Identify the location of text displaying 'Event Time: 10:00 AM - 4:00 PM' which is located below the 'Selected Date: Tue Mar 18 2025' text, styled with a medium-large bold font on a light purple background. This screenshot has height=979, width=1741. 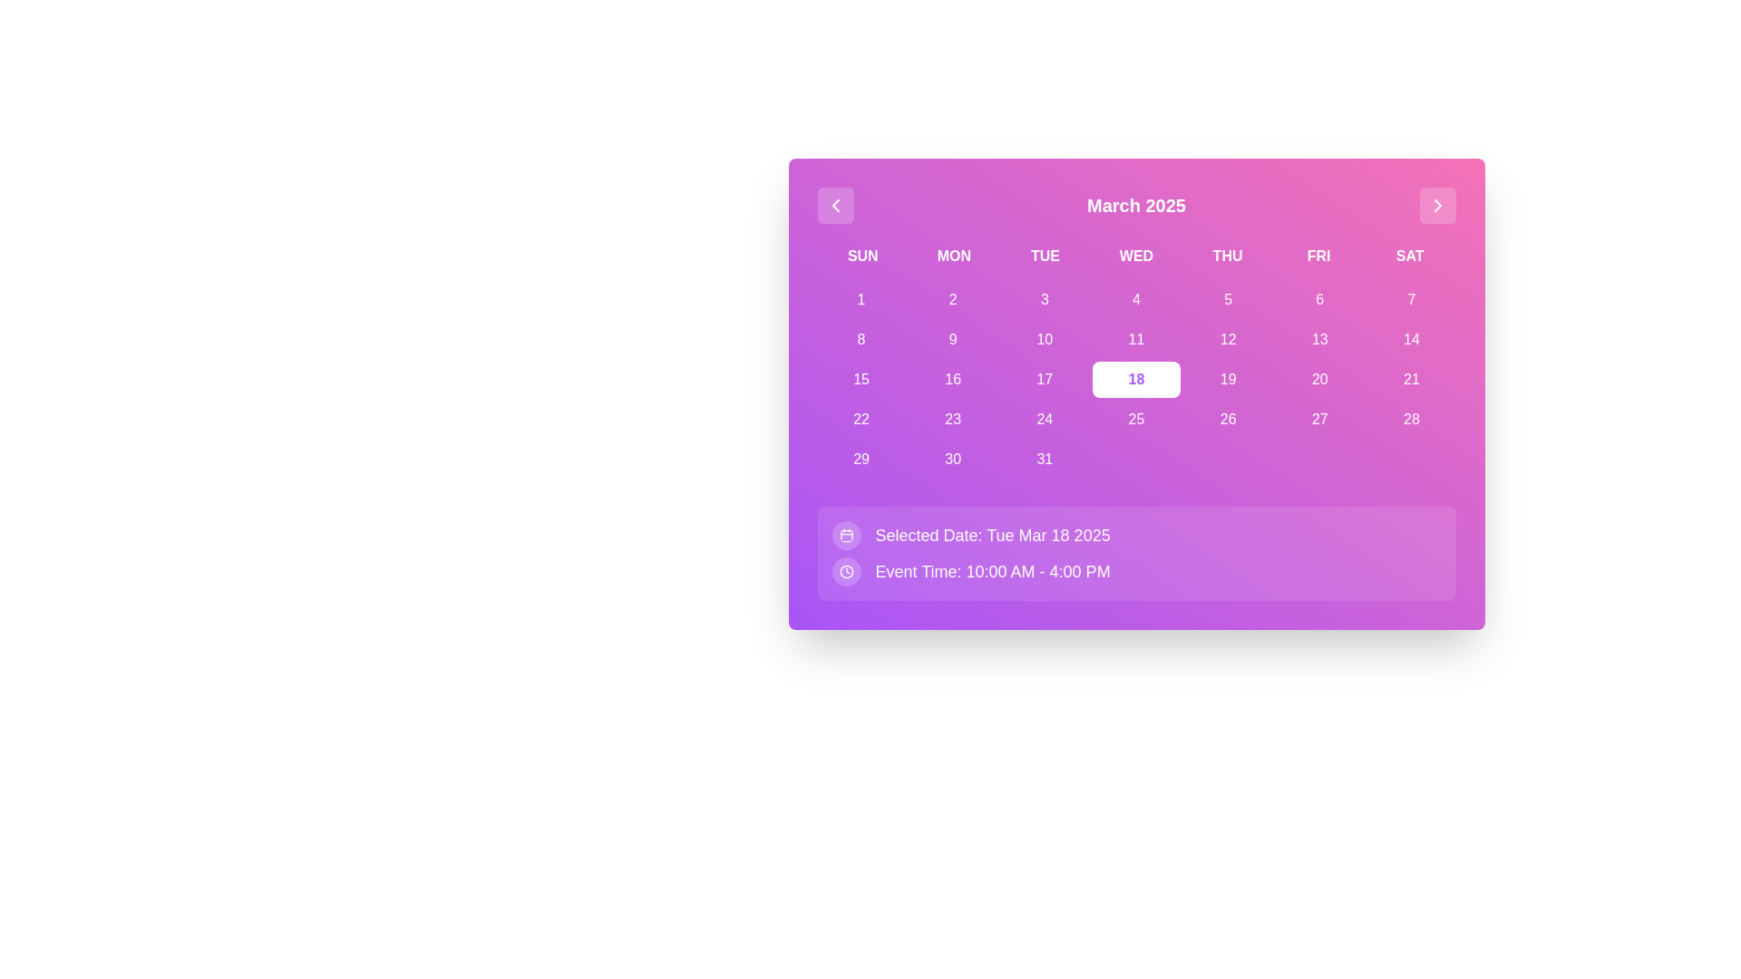
(991, 572).